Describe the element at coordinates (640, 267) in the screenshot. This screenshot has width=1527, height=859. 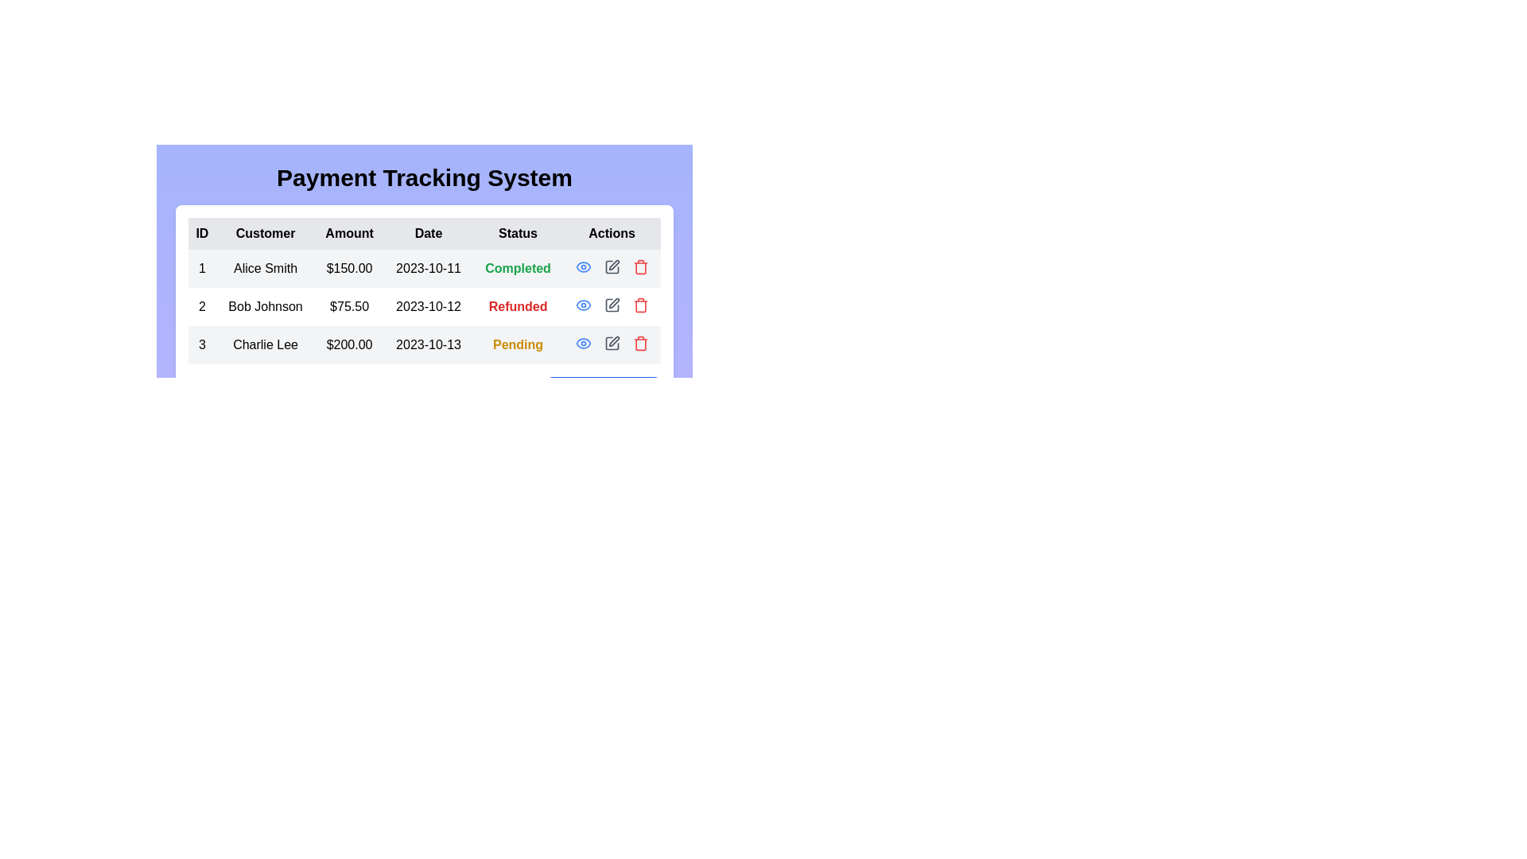
I see `the trash bin icon, which is a linear outline design with a rectangular body and arched handle, located in the rightmost column of the 'Actions' table, specifically in the third row for Charlie Lee` at that location.